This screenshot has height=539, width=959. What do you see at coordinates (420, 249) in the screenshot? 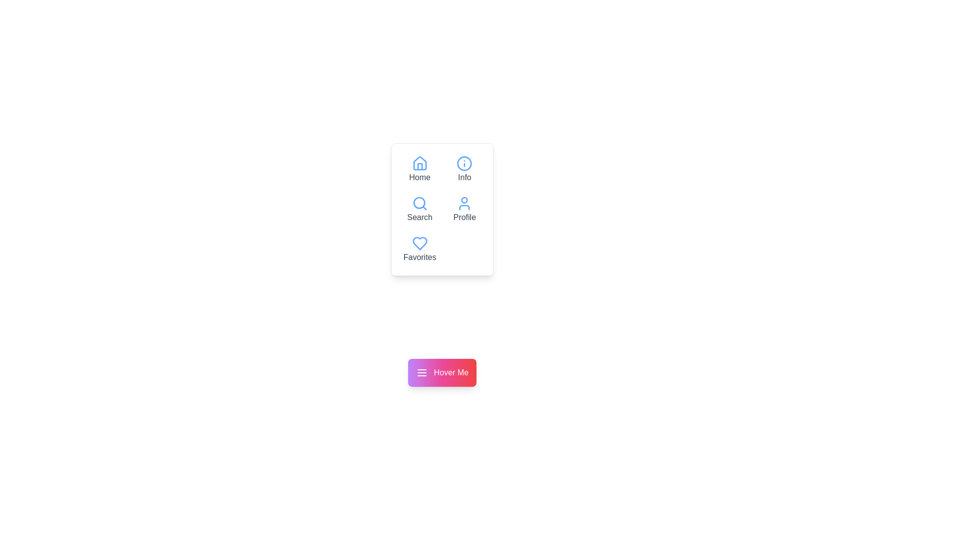
I see `the 'Favorites' labeled icon, which features a light blue heart graphic and is positioned at the last row and first column of the grid layout, to receive a tooltip or visual feedback` at bounding box center [420, 249].